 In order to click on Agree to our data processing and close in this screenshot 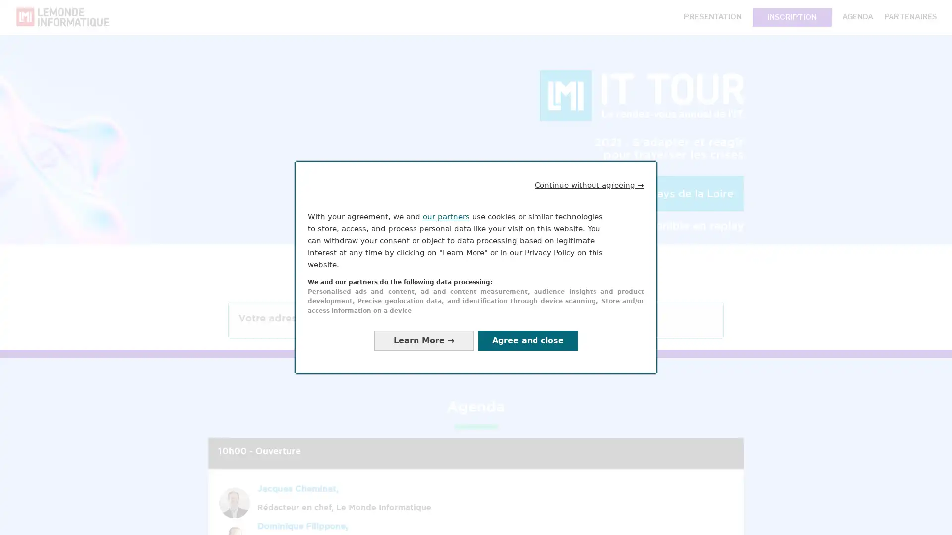, I will do `click(528, 340)`.